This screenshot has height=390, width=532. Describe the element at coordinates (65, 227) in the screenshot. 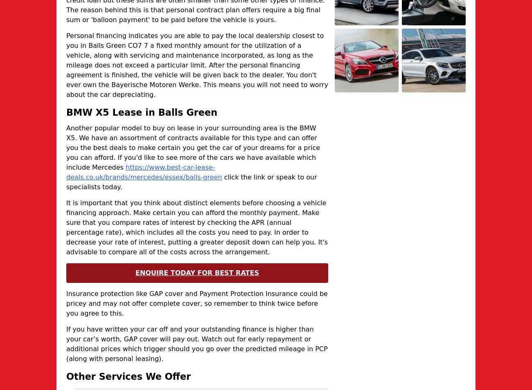

I see `'It is important that you think about distinct elements before choosing a vehicle financing approach. Make certain you can afford the monthly payment. Make sure that you compare rates of interest by checking the APR (annual percentage rate), which includes all the costs you need to pay. In order to decrease your rate of interest, putting a greater deposit down can help you. It's advisable to compare all of the costs across the arrangement.'` at that location.